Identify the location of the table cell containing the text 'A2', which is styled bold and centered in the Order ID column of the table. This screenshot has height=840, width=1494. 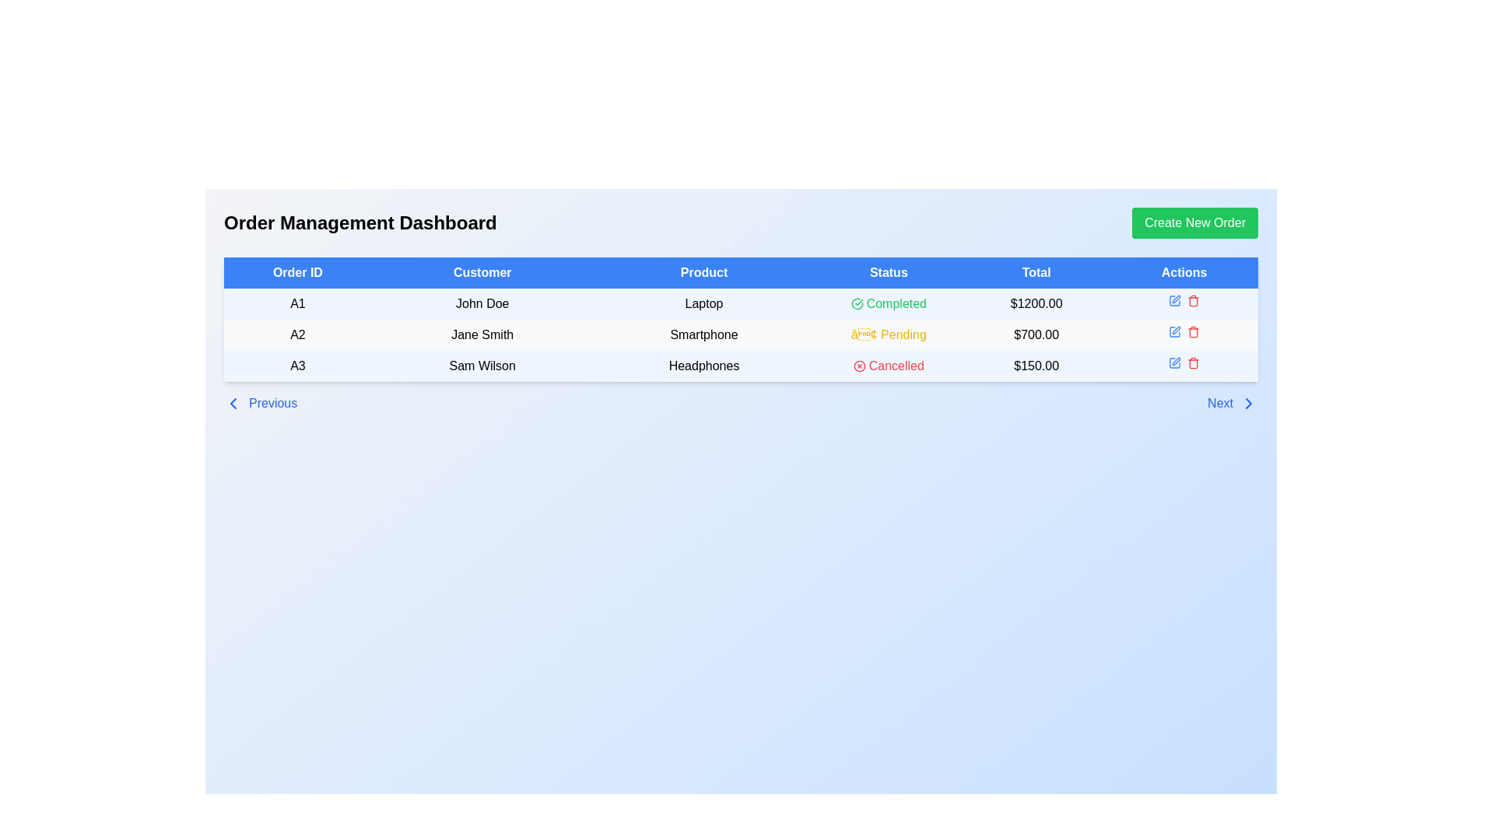
(297, 334).